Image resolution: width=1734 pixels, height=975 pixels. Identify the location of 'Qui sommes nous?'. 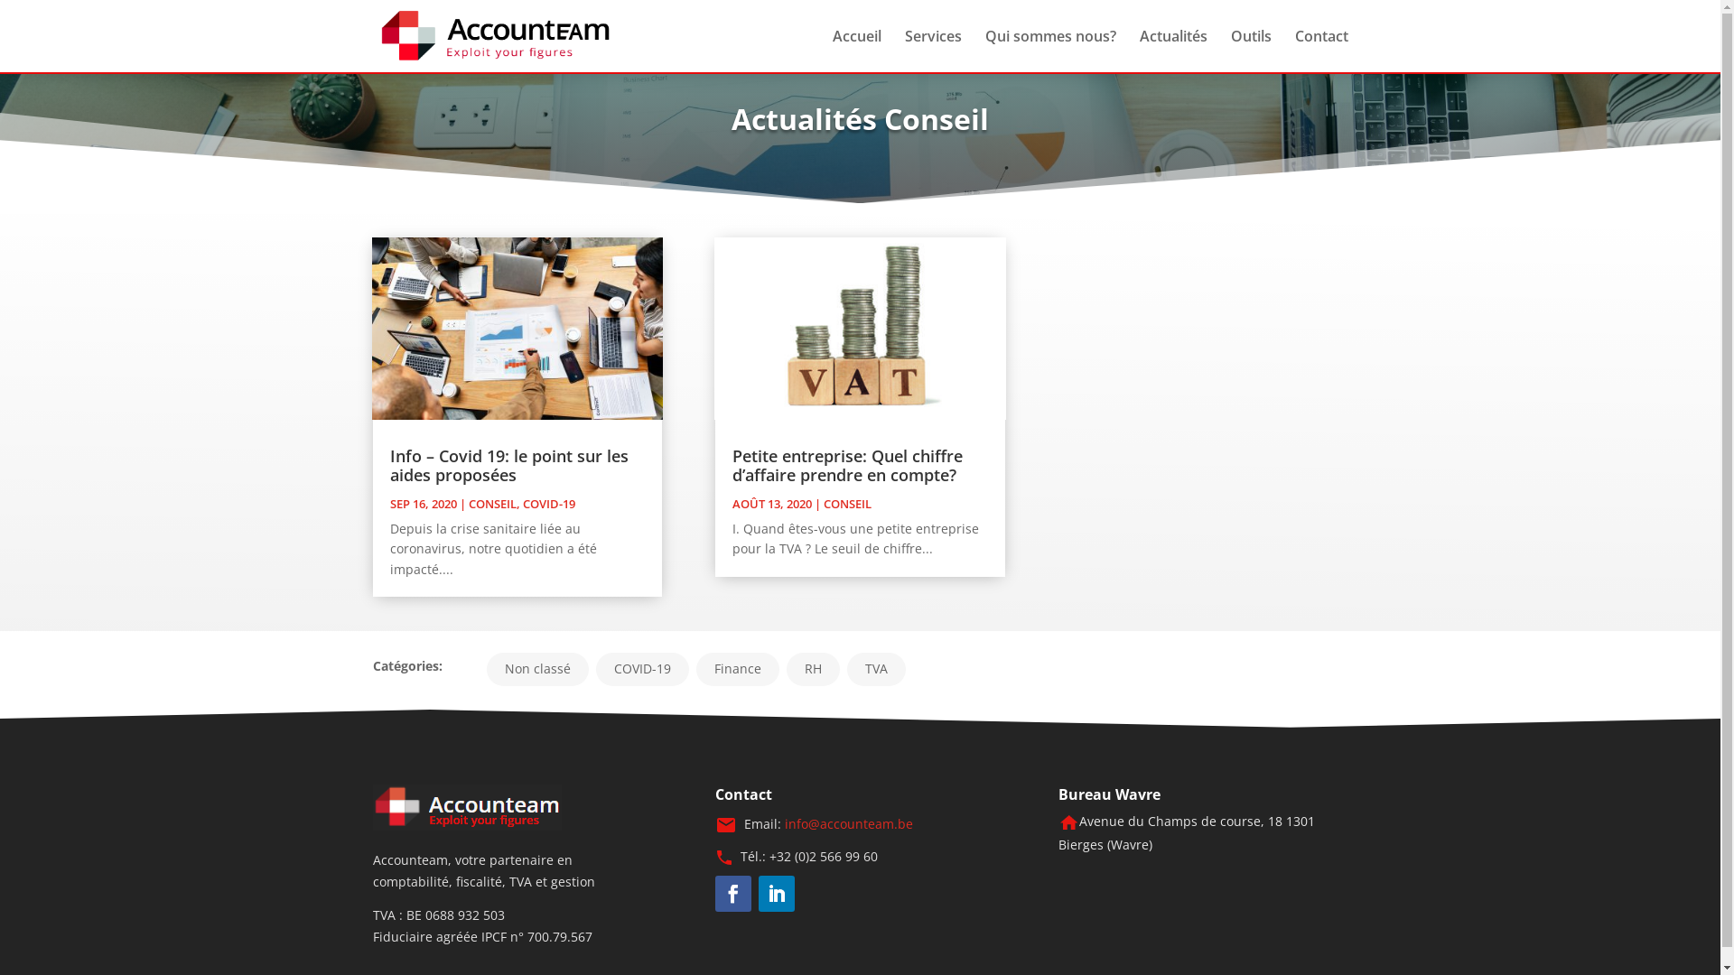
(1049, 50).